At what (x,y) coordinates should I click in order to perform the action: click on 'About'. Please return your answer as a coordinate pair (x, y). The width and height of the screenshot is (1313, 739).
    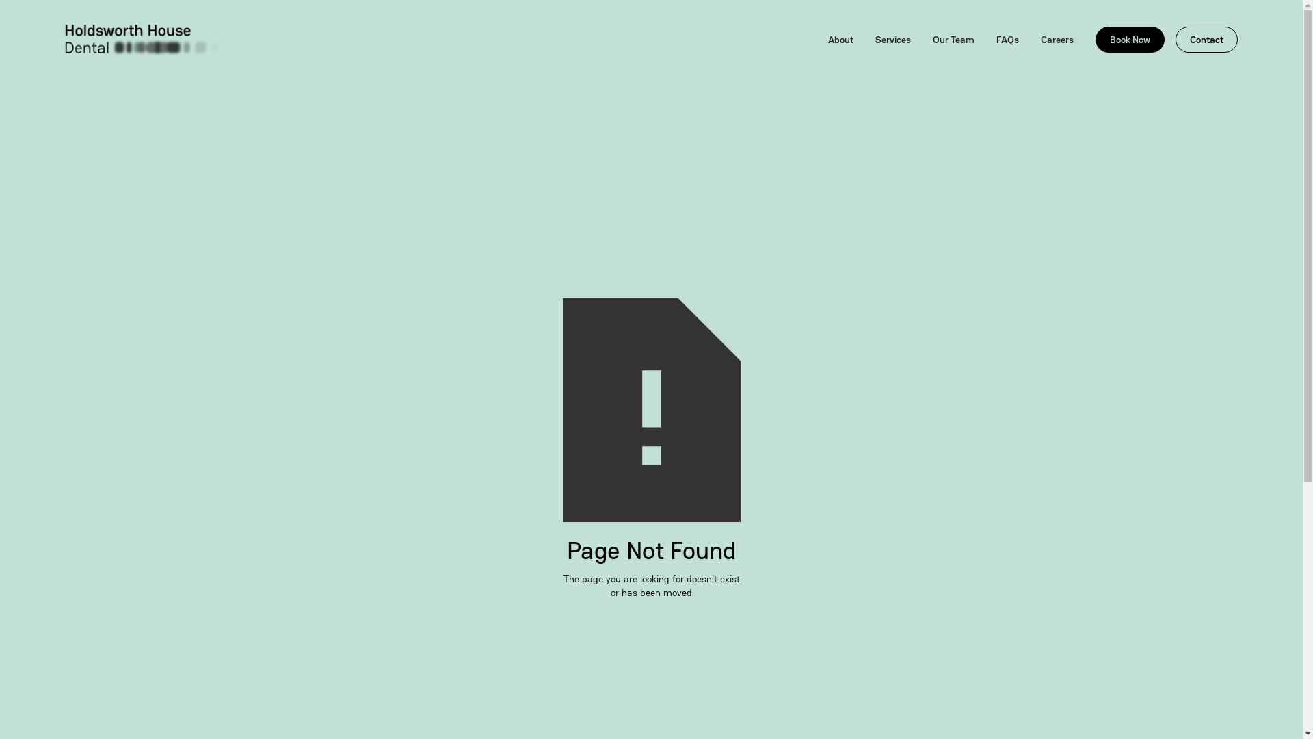
    Looking at the image, I should click on (840, 38).